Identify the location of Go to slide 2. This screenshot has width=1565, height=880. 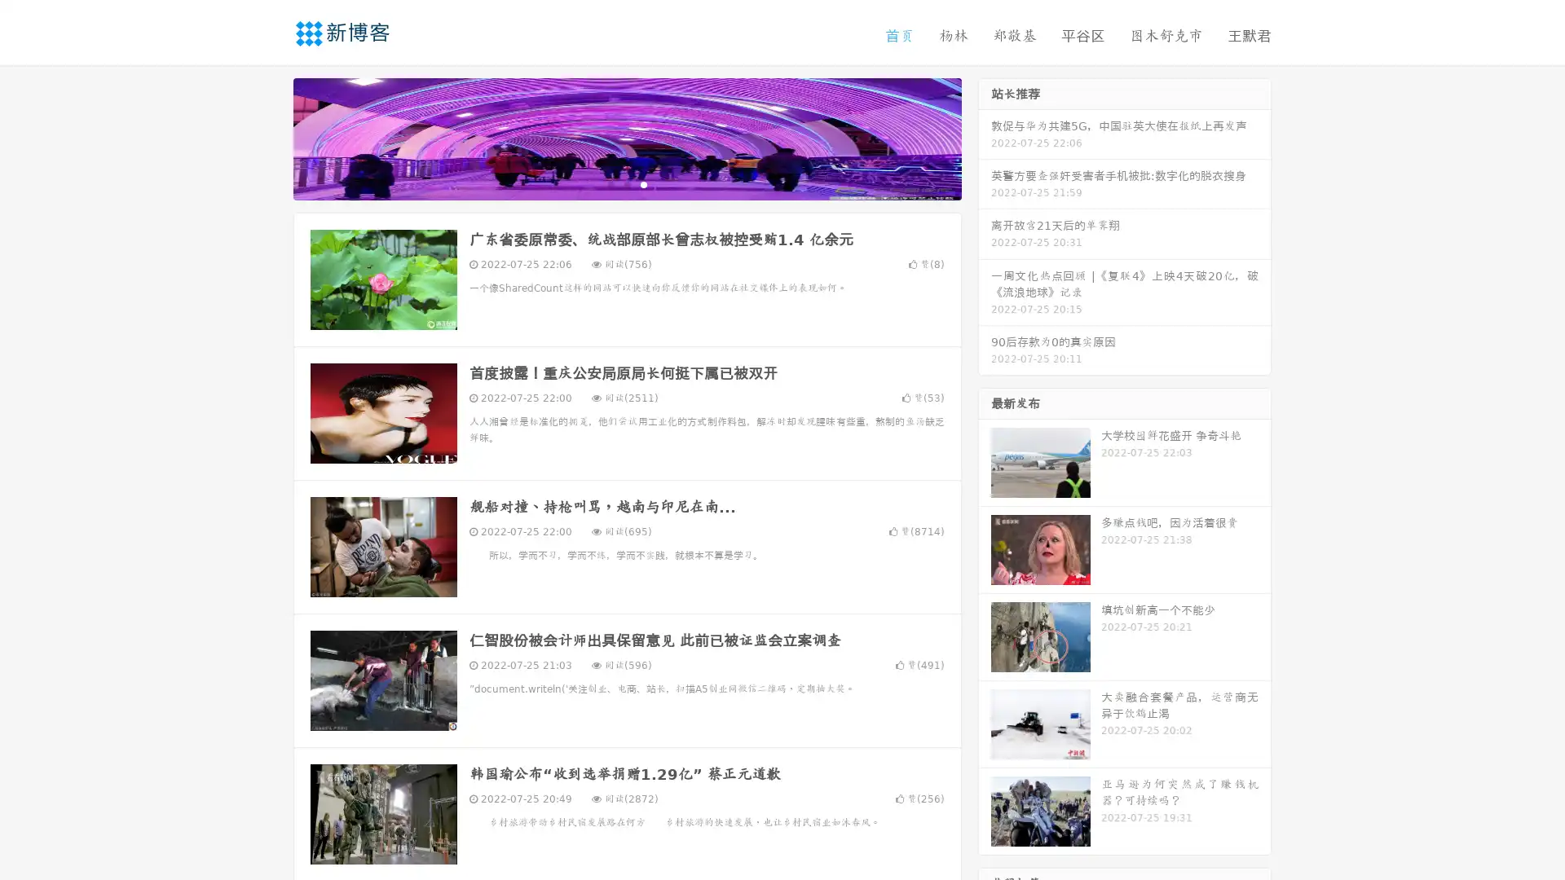
(626, 183).